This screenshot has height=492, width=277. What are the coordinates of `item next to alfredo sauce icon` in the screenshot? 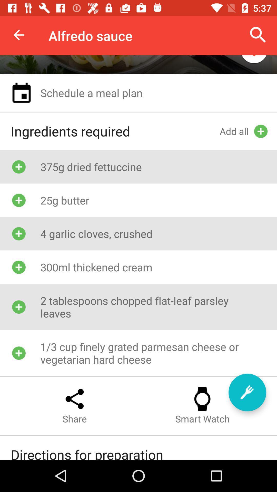 It's located at (258, 35).